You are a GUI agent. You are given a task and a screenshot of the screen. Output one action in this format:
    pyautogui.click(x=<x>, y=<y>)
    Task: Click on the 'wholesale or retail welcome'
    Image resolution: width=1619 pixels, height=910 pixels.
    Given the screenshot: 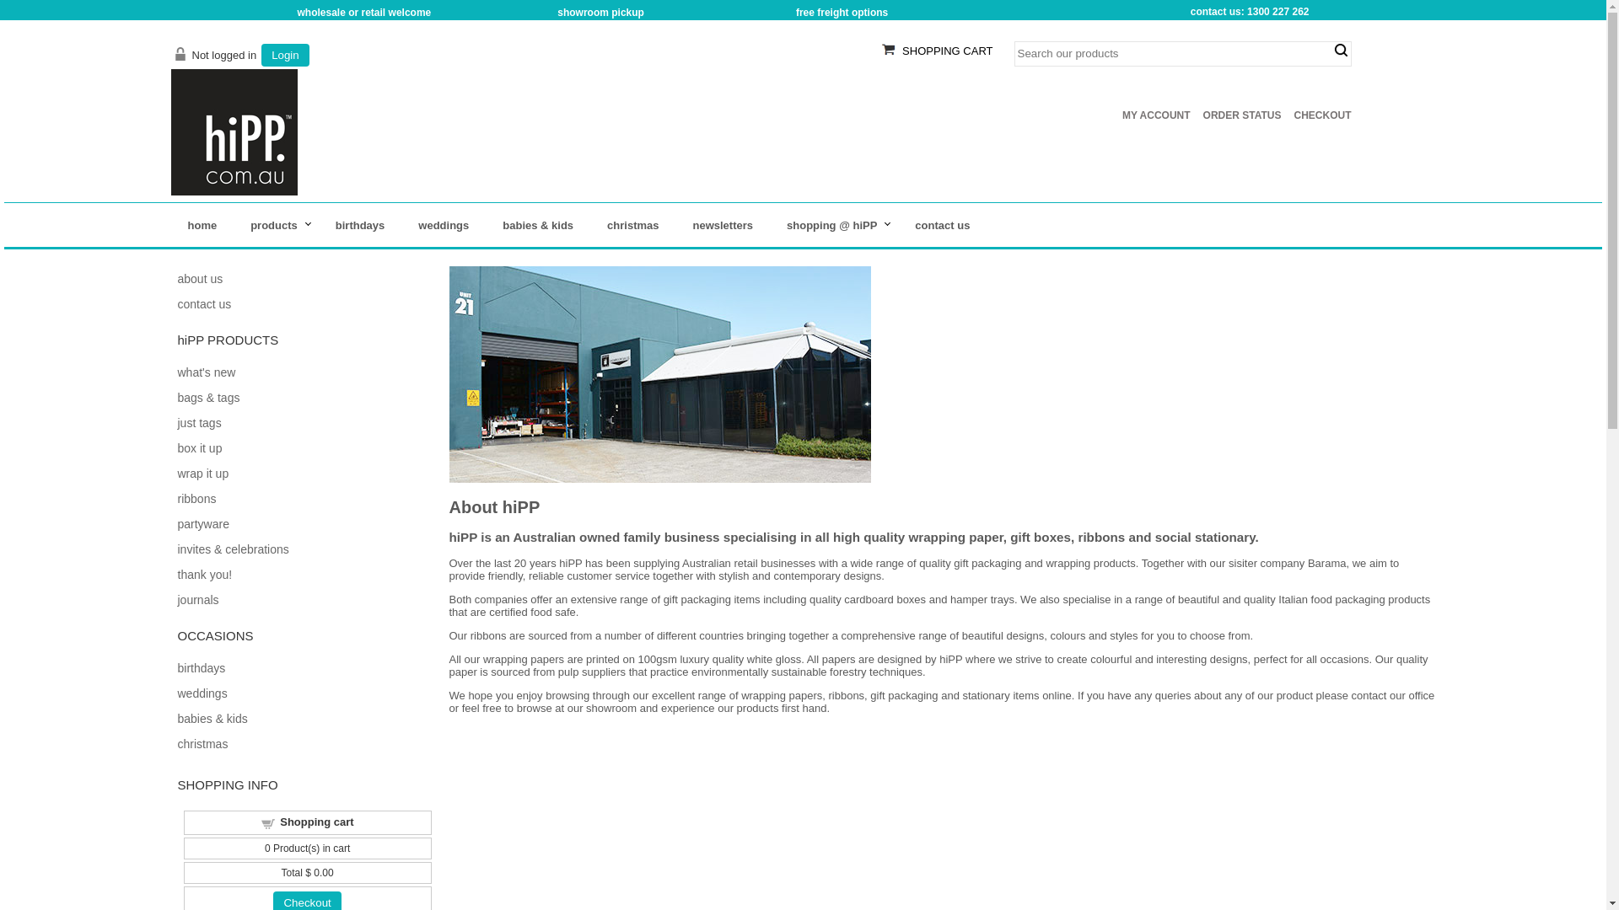 What is the action you would take?
    pyautogui.click(x=363, y=13)
    